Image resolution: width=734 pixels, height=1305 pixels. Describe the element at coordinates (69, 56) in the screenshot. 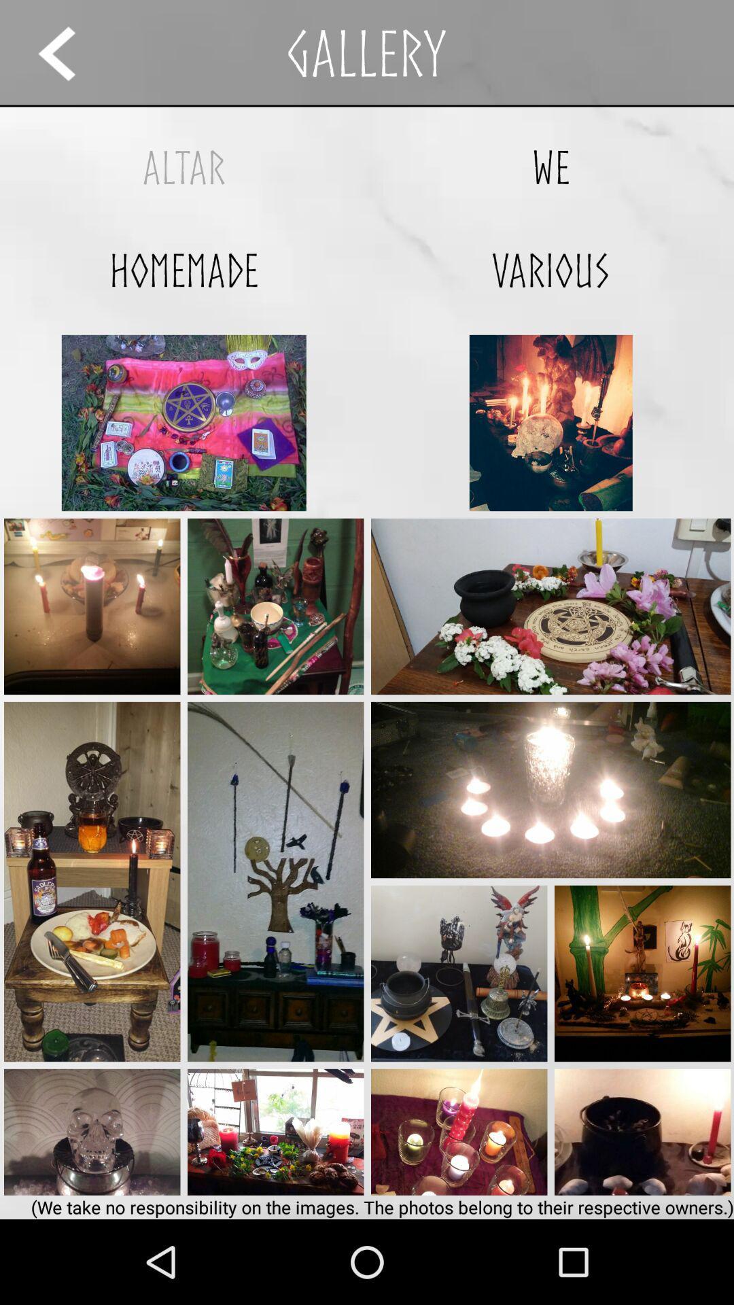

I see `the arrow_backward icon` at that location.